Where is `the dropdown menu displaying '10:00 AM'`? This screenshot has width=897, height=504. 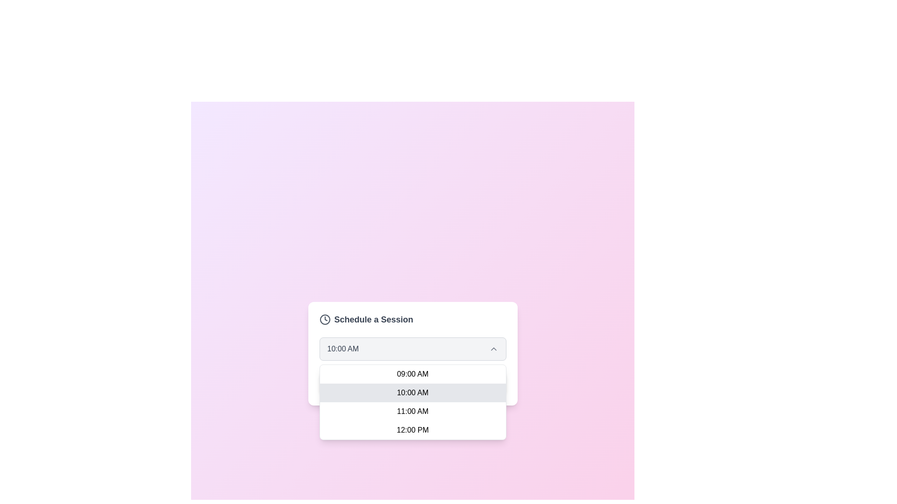
the dropdown menu displaying '10:00 AM' is located at coordinates (412, 349).